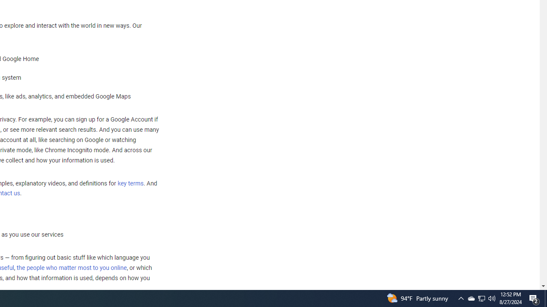  What do you see at coordinates (130, 183) in the screenshot?
I see `'key terms'` at bounding box center [130, 183].